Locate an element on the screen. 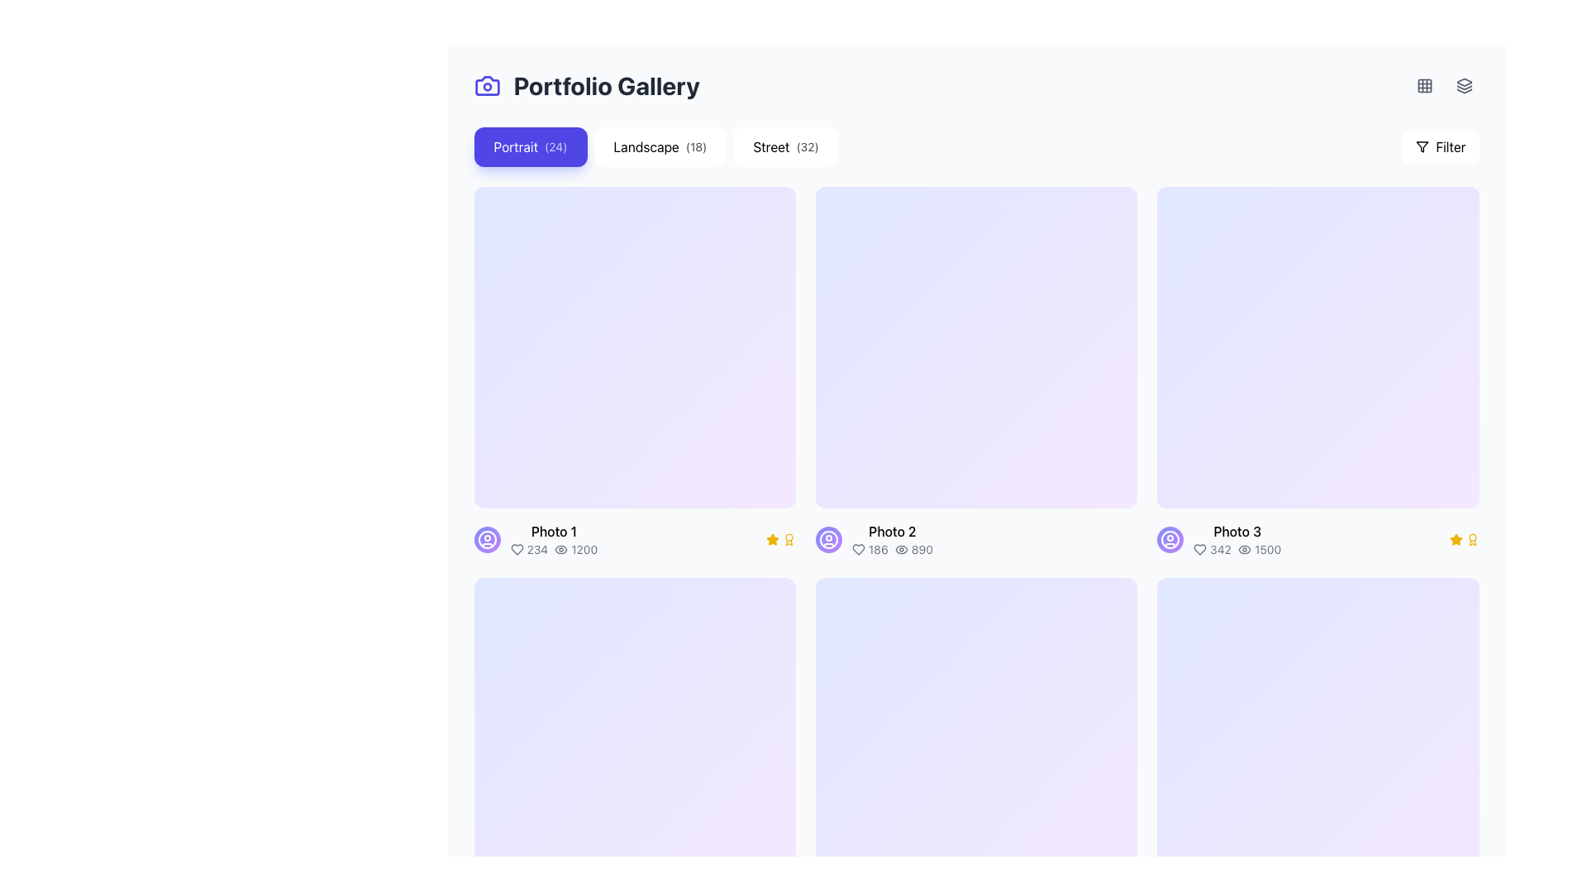 The height and width of the screenshot is (893, 1587). number displayed in the view counter text element located under the thumbnail labeled 'Photo 1', which is the second indicator from the right, adjacent to the left of the yellow star icon is located at coordinates (576, 550).